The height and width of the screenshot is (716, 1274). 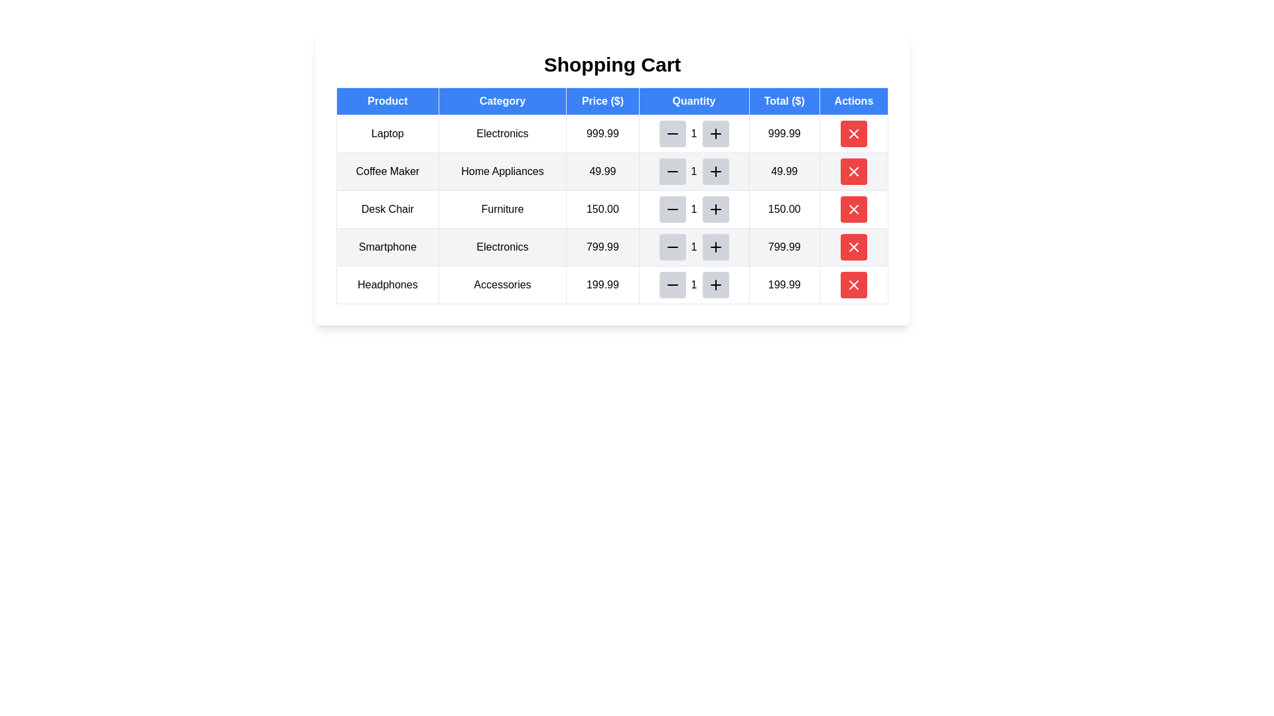 I want to click on the third row of the shopping cart table containing the product 'Desk Chair', category 'Furniture', and price '150.00', so click(x=611, y=209).